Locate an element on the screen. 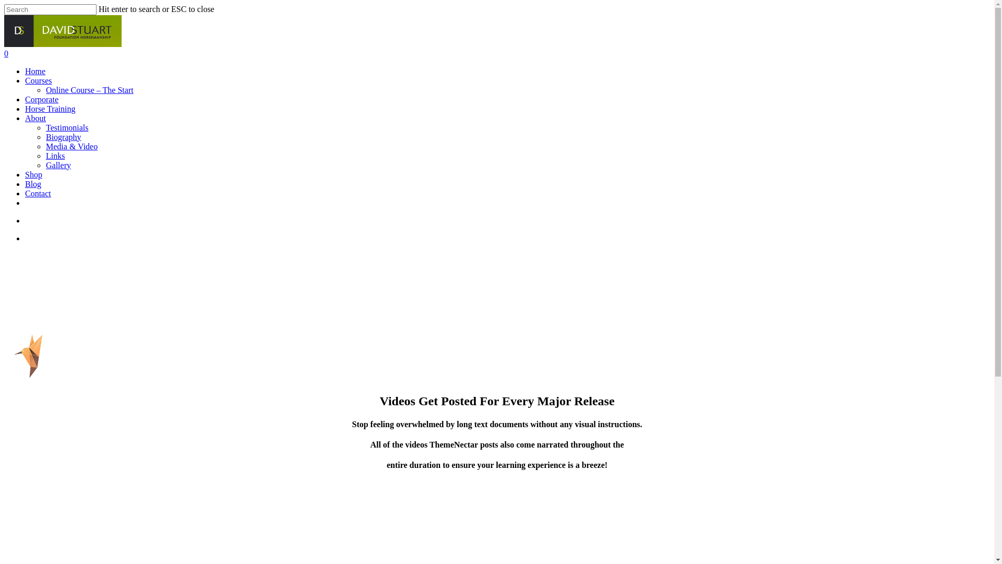 This screenshot has height=564, width=1002. 'Home' is located at coordinates (25, 70).